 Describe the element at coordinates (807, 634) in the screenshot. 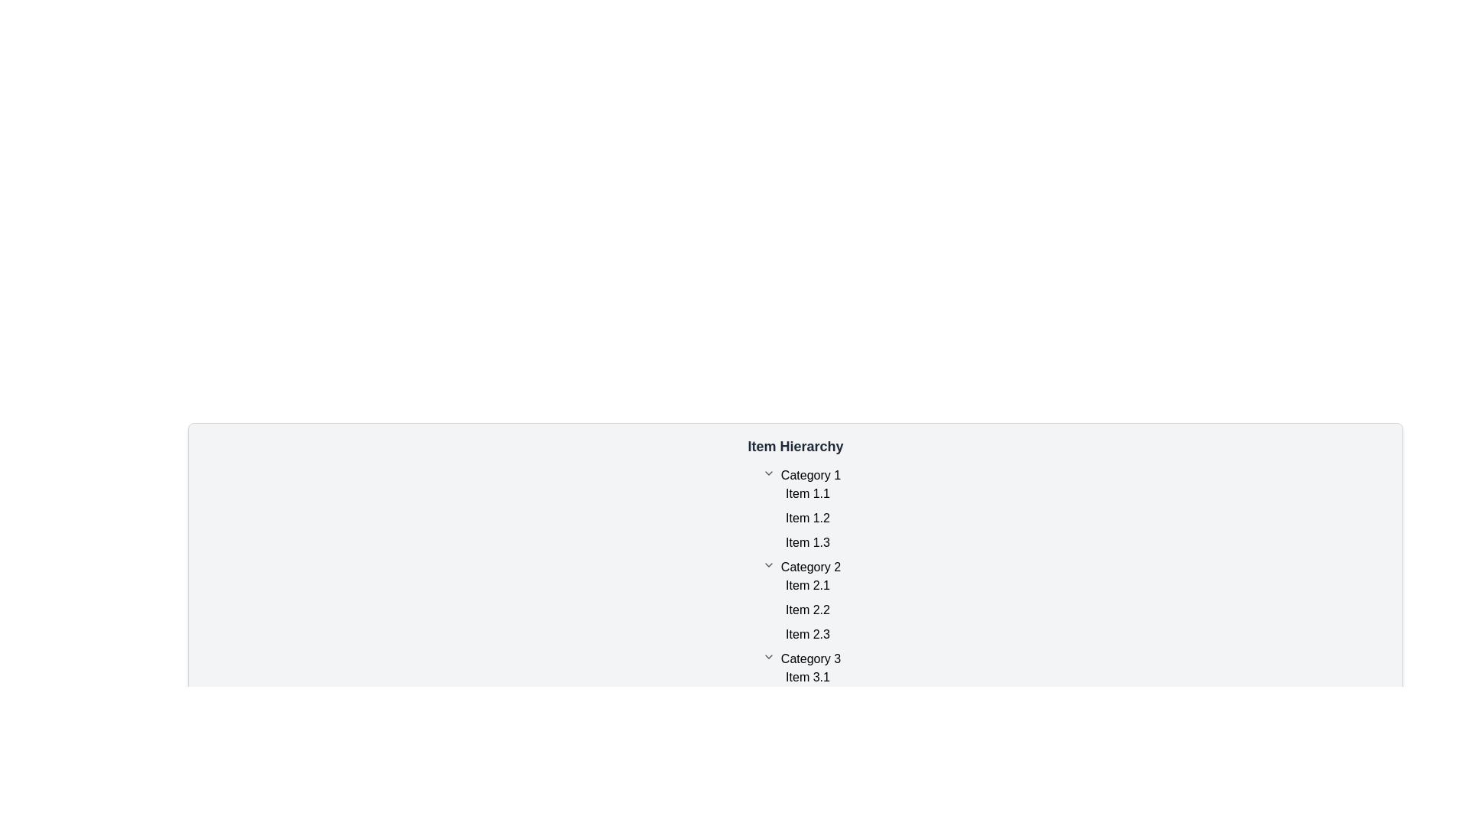

I see `the text label that reads 'Item 2.3', which is styled in a plain sans-serif font and is black on a light-gray background` at that location.